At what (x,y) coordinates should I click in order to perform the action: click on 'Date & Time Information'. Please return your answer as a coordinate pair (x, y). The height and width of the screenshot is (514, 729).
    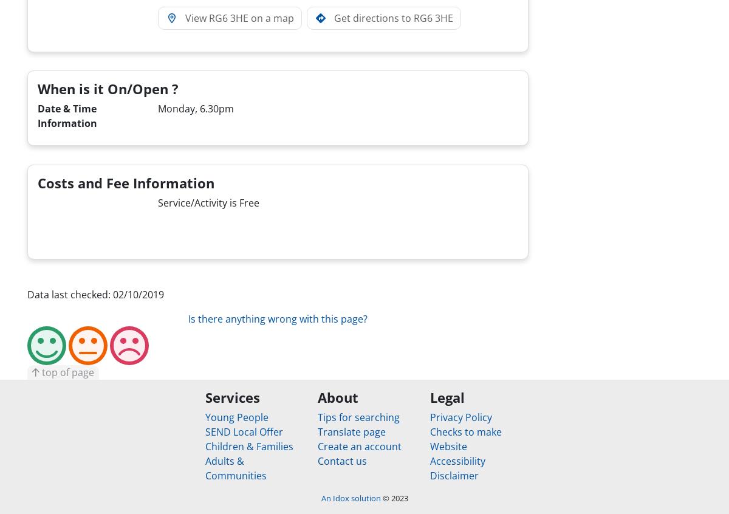
    Looking at the image, I should click on (67, 115).